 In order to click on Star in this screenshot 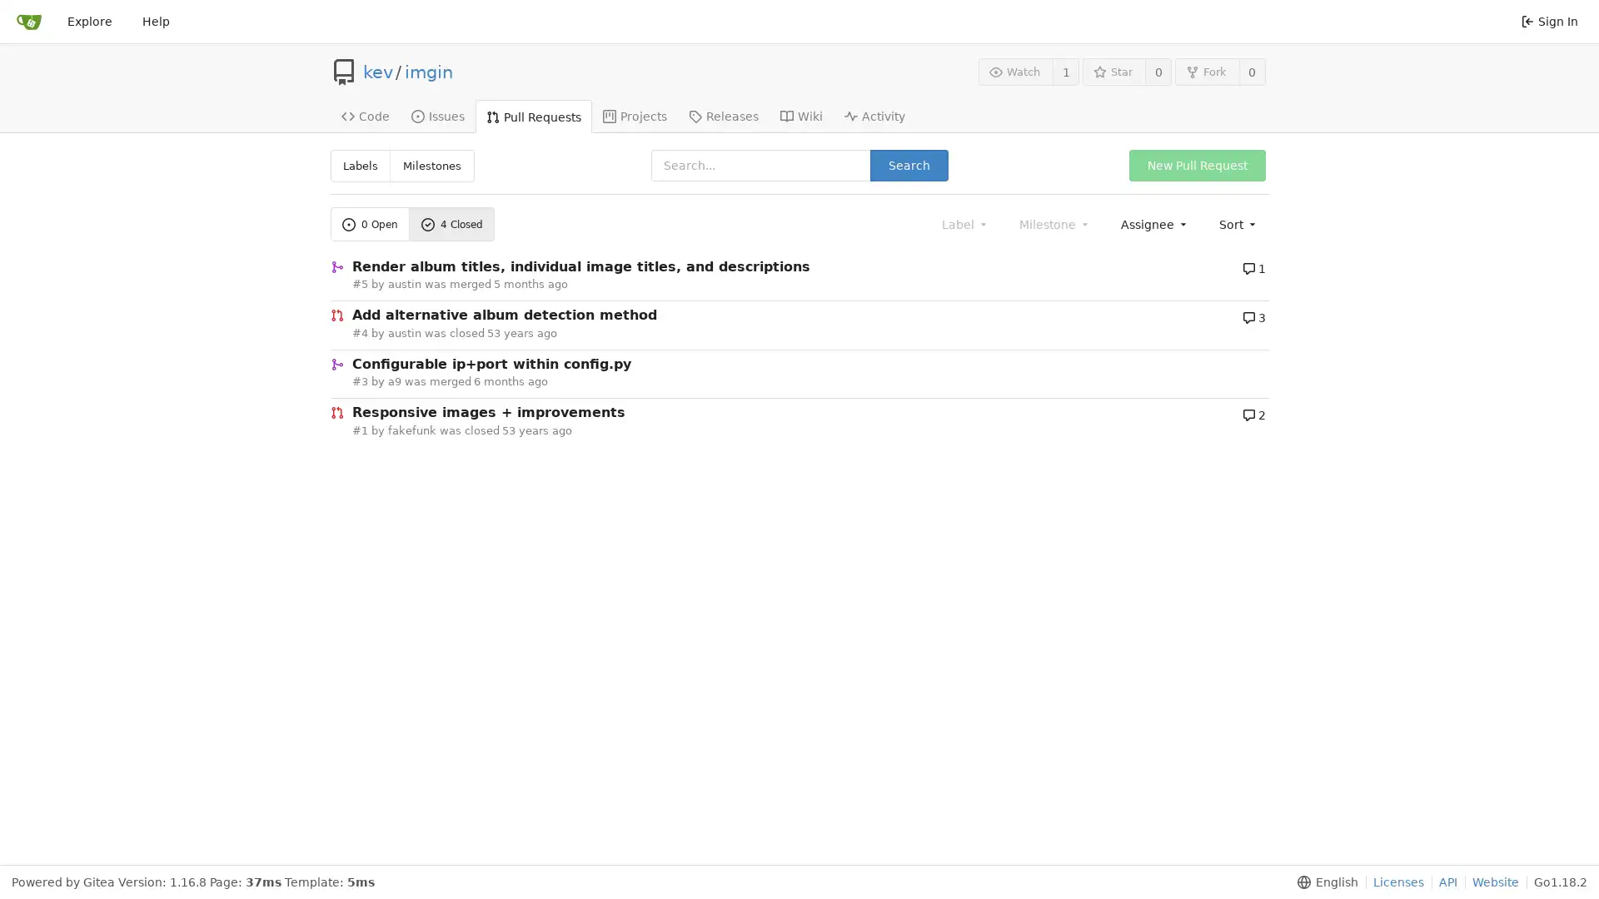, I will do `click(1113, 71)`.